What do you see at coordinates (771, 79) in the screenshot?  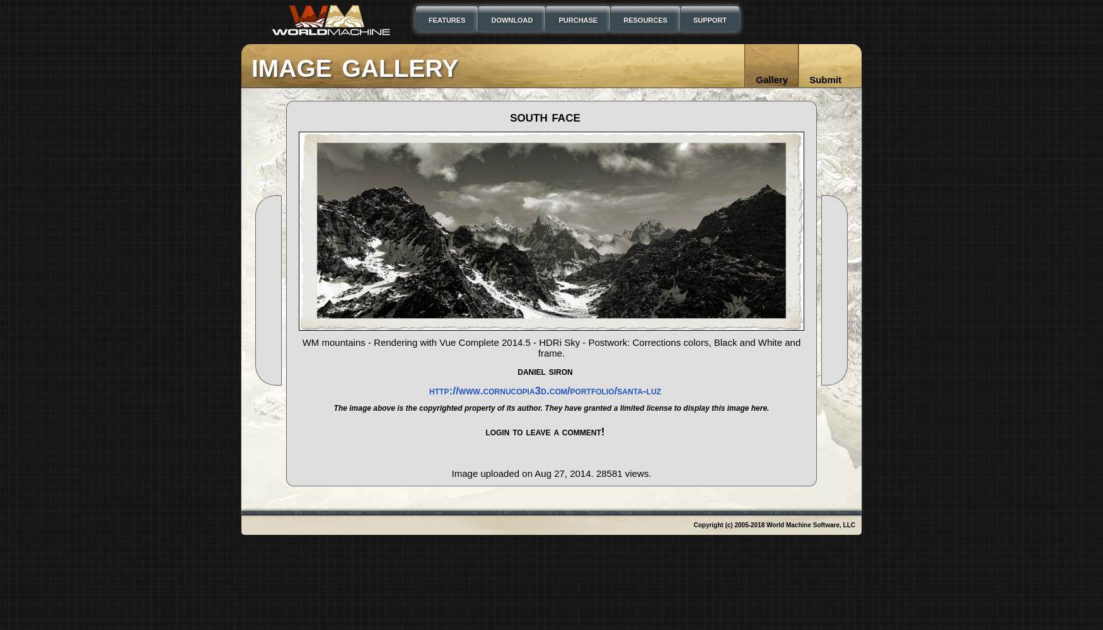 I see `'Gallery'` at bounding box center [771, 79].